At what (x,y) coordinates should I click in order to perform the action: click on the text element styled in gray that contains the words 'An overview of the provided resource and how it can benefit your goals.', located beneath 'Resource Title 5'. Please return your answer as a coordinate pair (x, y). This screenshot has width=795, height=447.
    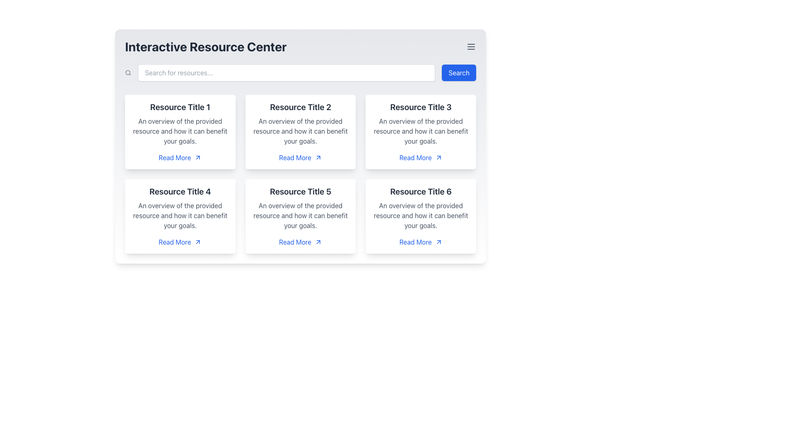
    Looking at the image, I should click on (300, 215).